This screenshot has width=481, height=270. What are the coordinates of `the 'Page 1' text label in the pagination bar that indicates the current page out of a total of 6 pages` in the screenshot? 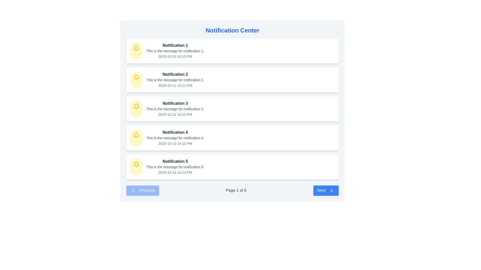 It's located at (236, 190).